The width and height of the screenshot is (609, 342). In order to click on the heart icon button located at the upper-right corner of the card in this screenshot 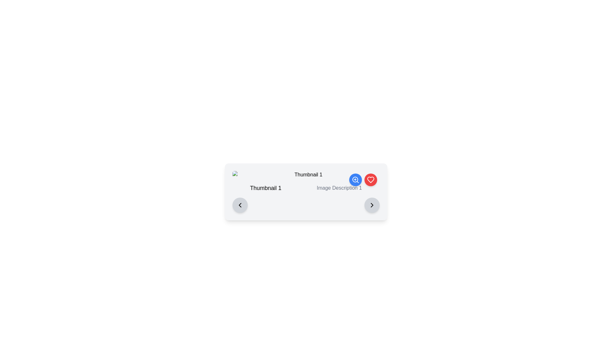, I will do `click(370, 180)`.